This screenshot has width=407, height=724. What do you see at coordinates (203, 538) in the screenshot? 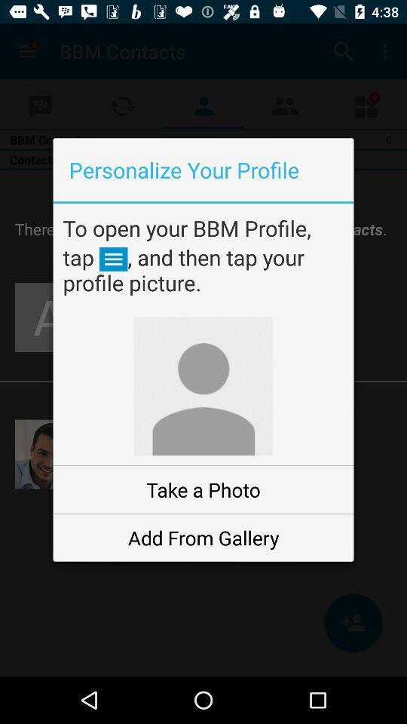
I see `the add from gallery item` at bounding box center [203, 538].